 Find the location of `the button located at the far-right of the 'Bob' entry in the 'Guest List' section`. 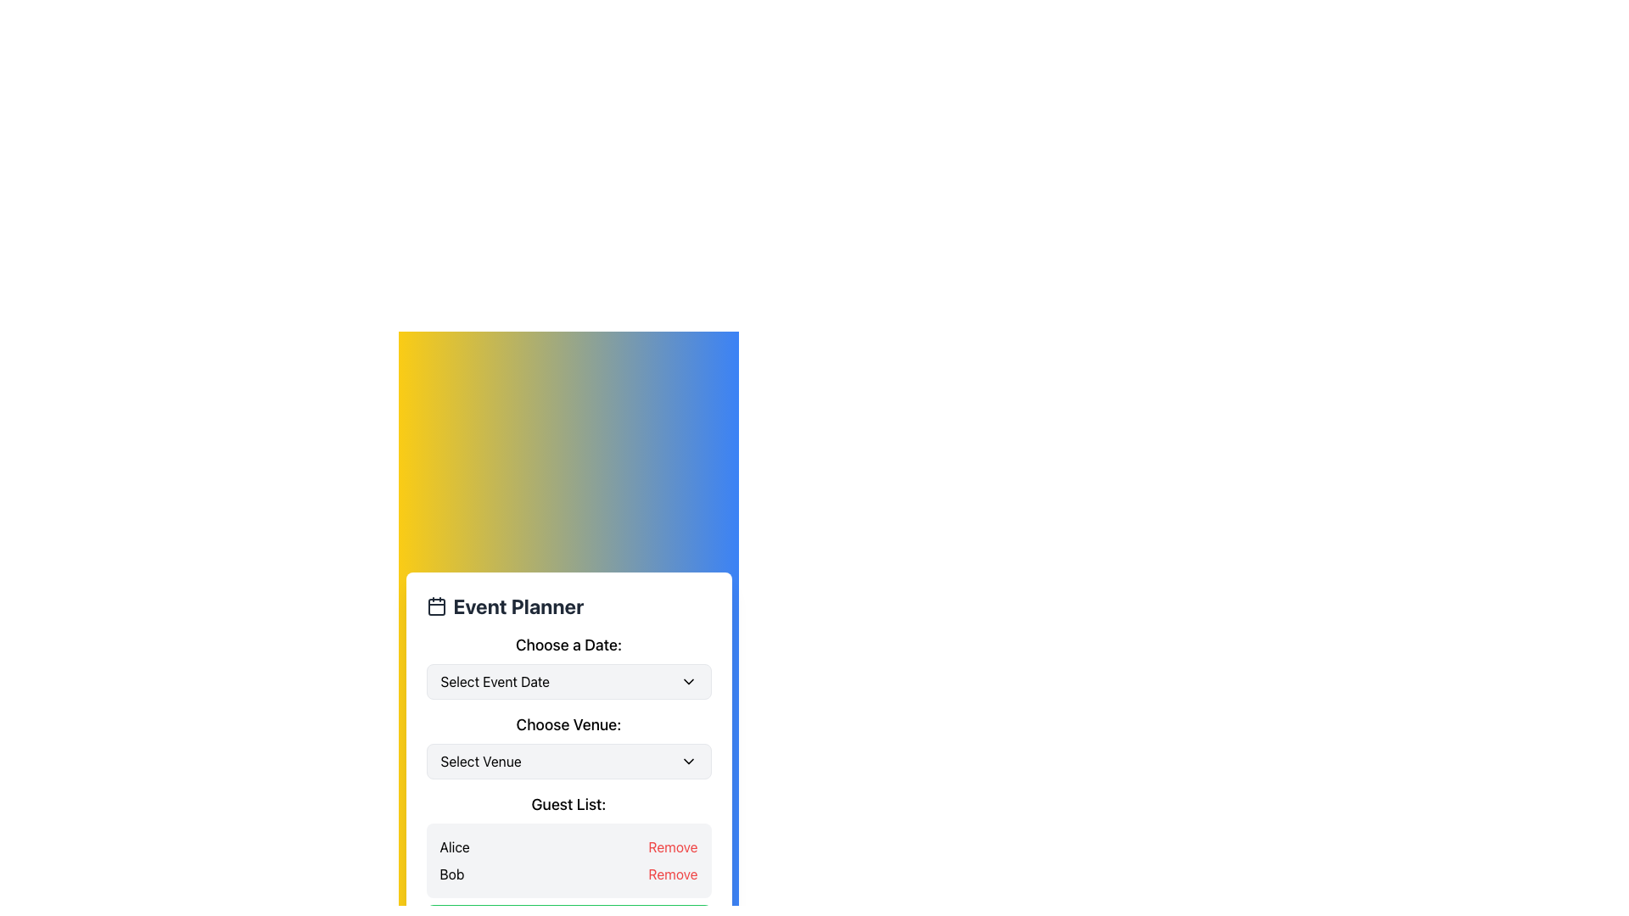

the button located at the far-right of the 'Bob' entry in the 'Guest List' section is located at coordinates (672, 874).